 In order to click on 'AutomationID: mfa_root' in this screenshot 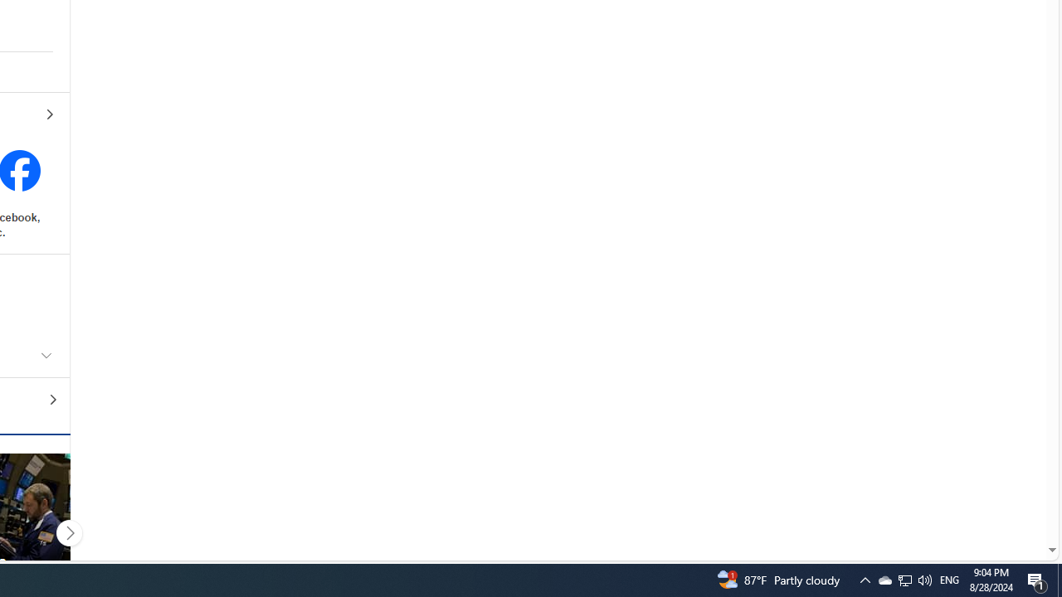, I will do `click(989, 499)`.